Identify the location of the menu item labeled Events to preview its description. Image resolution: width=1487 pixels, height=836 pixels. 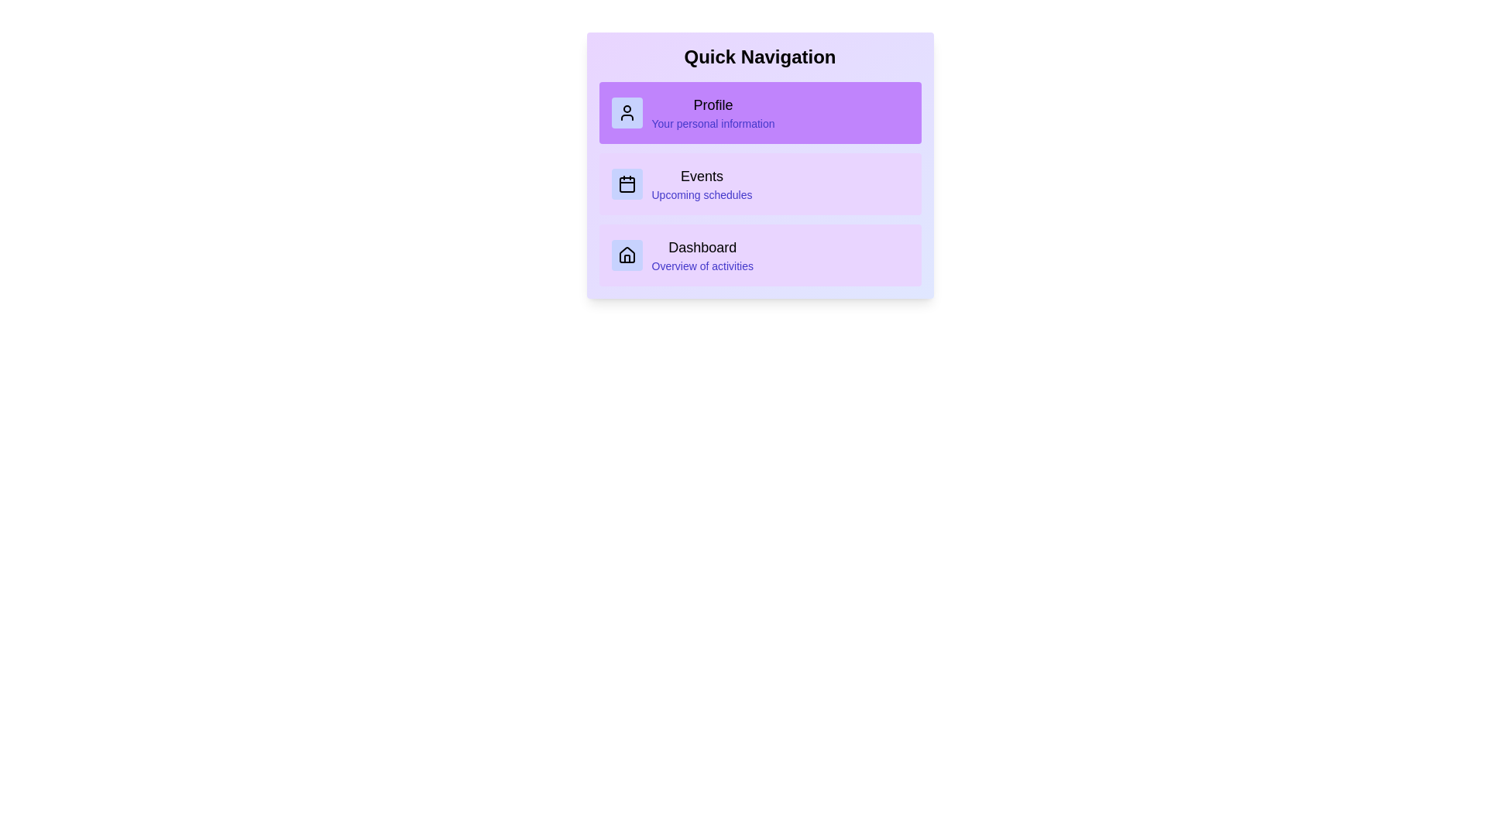
(760, 183).